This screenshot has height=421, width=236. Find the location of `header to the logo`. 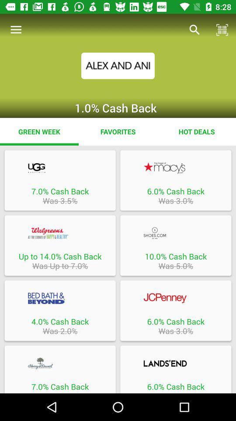

header to the logo is located at coordinates (59, 168).